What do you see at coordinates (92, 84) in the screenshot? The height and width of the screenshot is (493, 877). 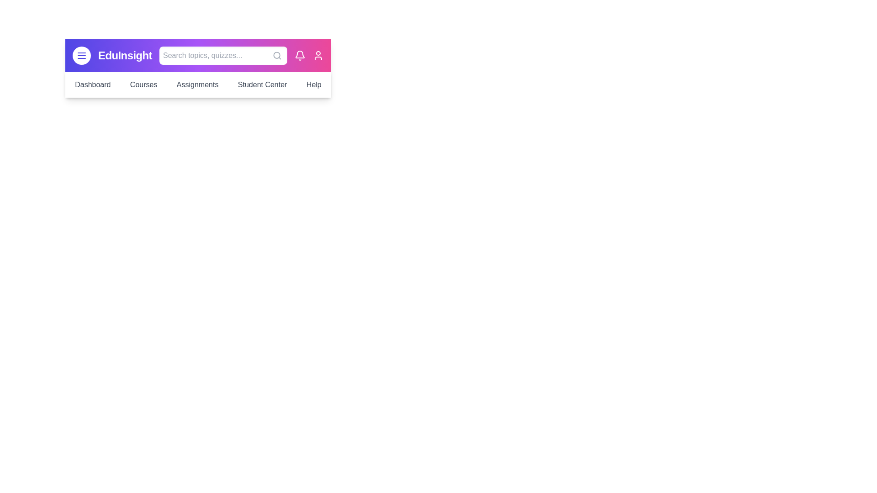 I see `the menu item Dashboard to navigate to the corresponding section` at bounding box center [92, 84].